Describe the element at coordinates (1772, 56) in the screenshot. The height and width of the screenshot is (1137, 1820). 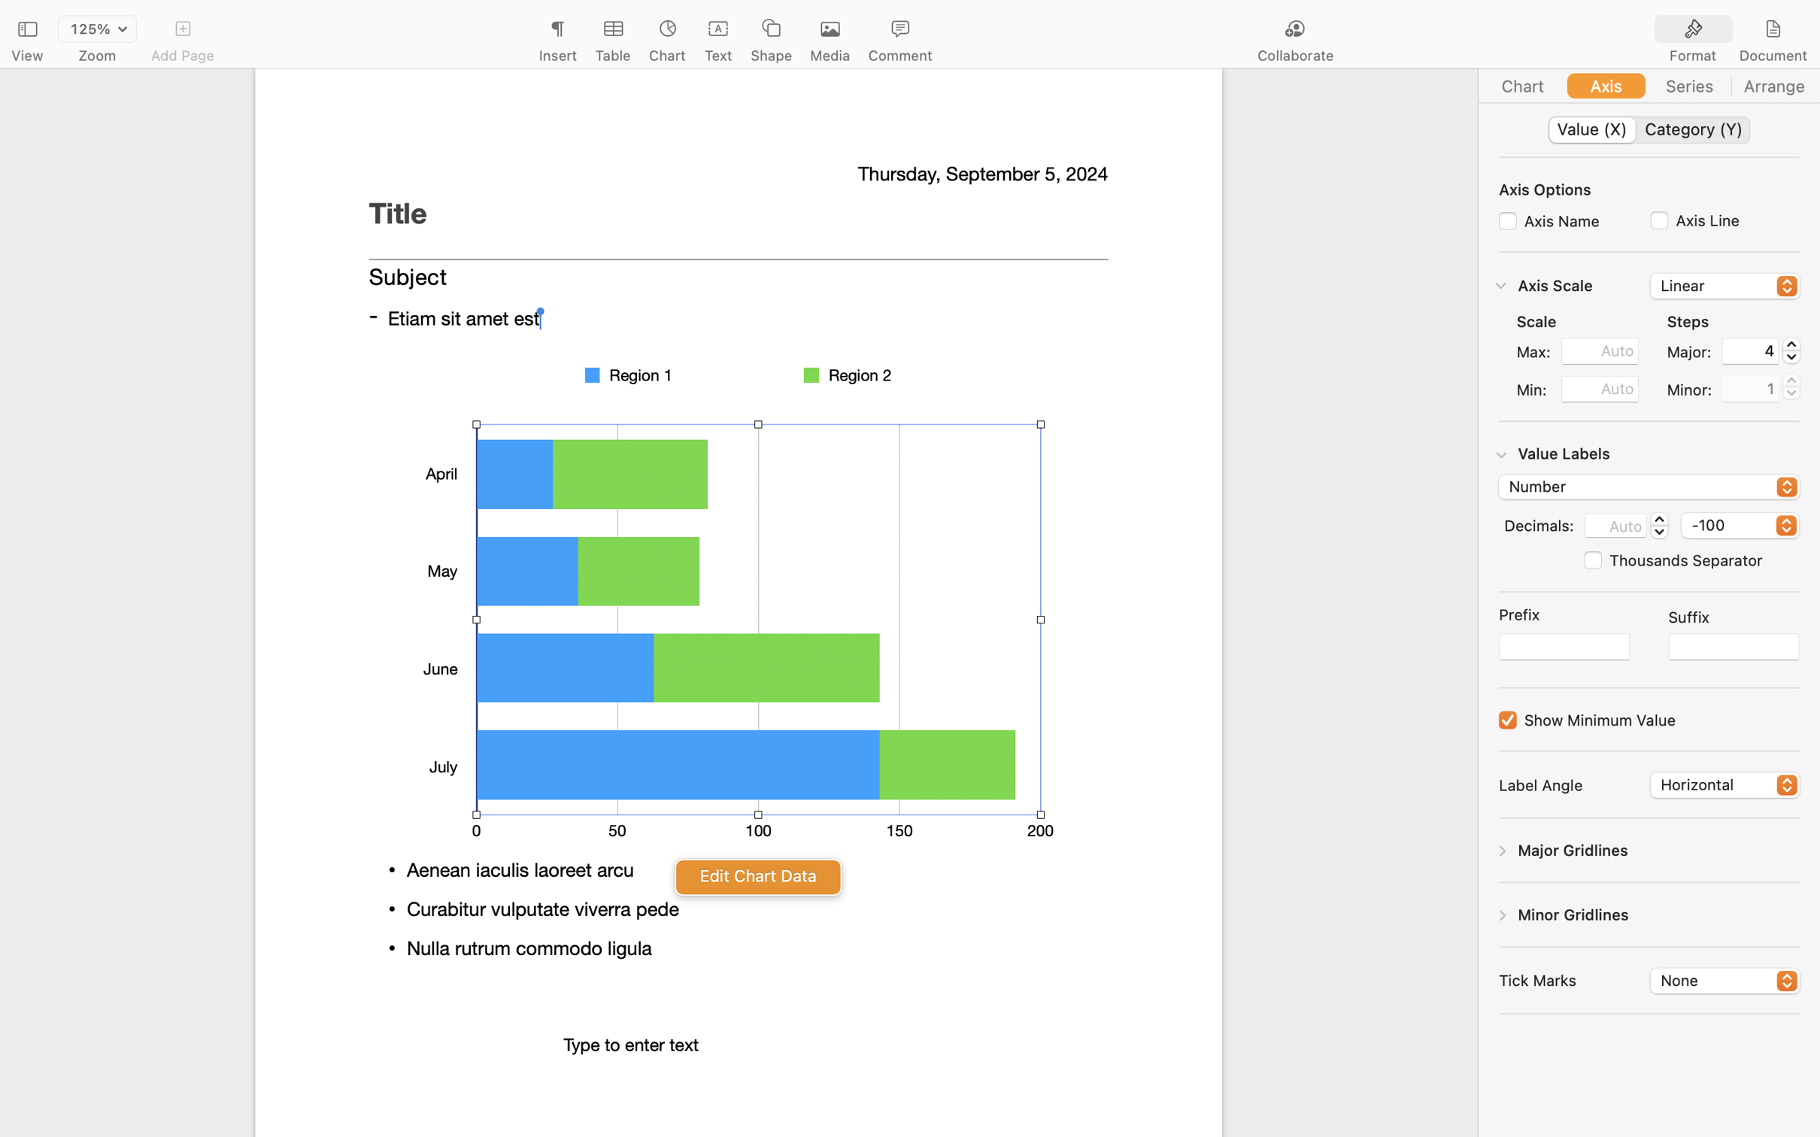
I see `'Document'` at that location.